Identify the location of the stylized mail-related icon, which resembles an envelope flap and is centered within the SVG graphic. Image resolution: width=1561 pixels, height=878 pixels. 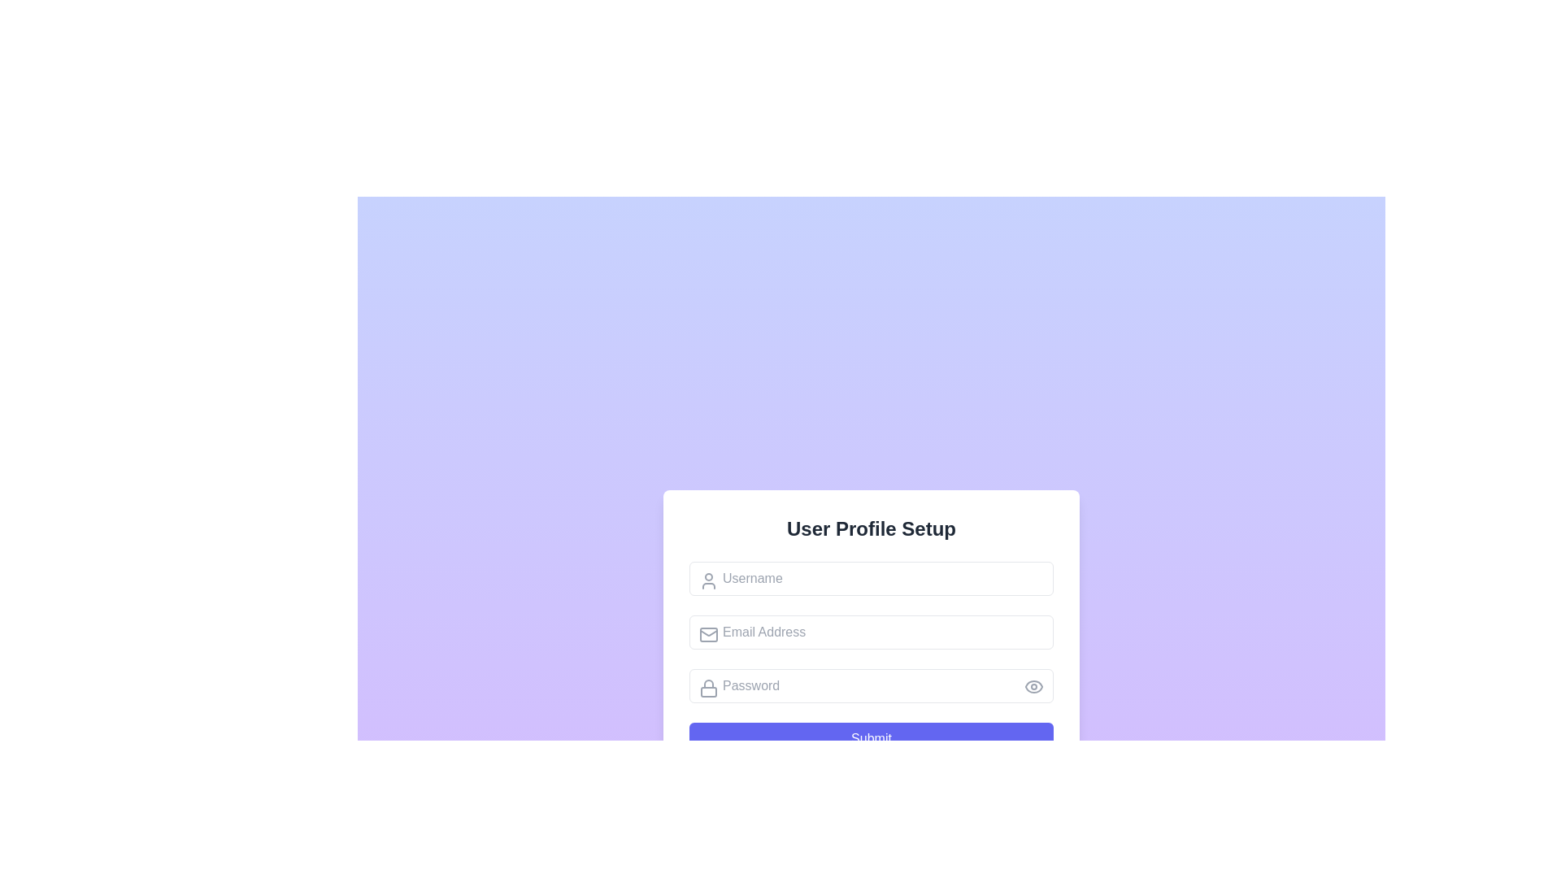
(709, 632).